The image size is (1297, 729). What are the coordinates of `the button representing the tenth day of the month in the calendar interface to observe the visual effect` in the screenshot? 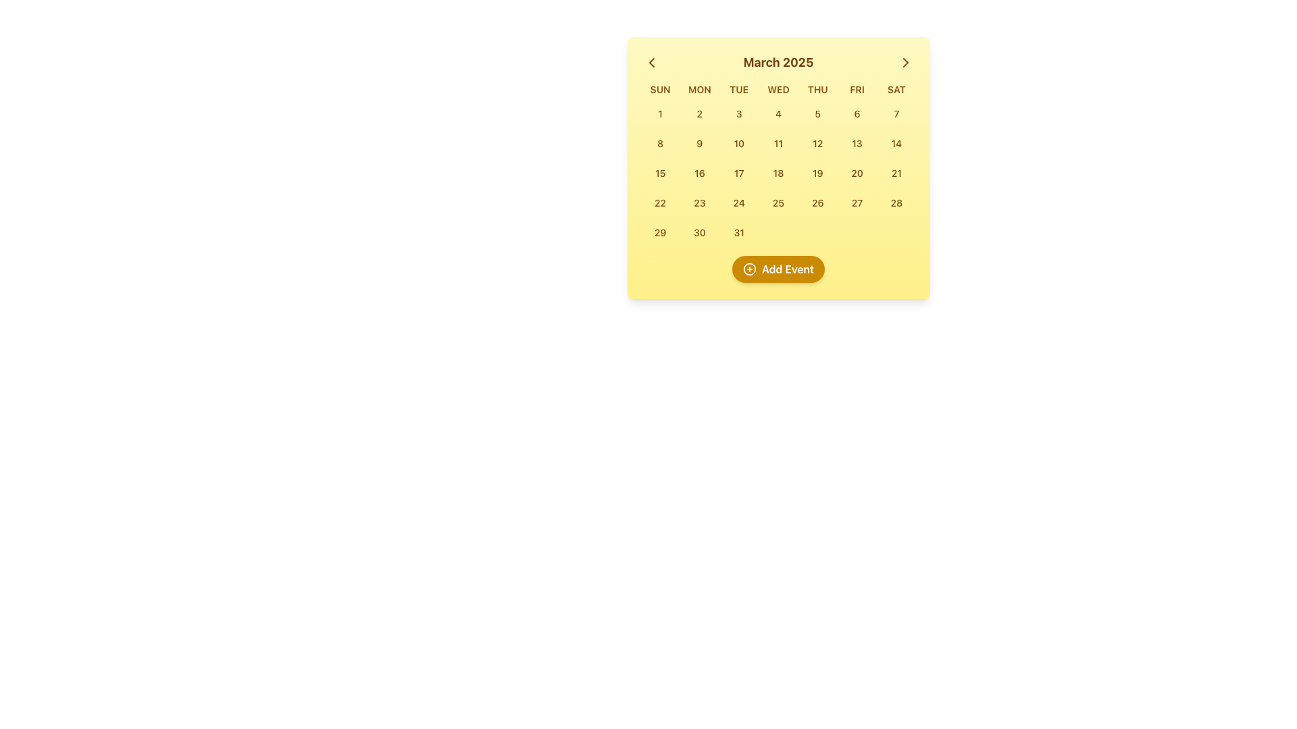 It's located at (738, 143).